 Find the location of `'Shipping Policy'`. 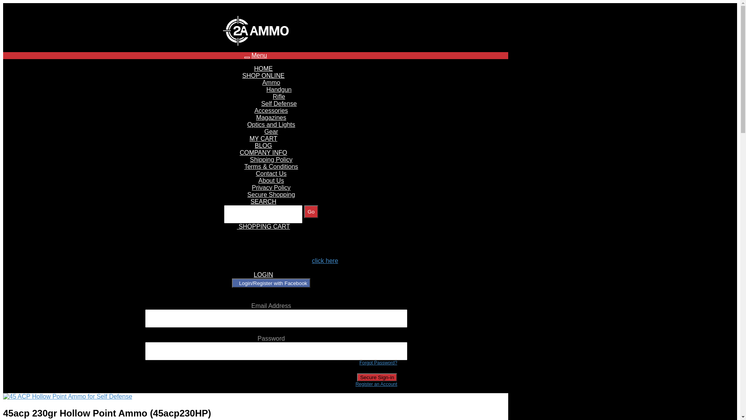

'Shipping Policy' is located at coordinates (271, 159).